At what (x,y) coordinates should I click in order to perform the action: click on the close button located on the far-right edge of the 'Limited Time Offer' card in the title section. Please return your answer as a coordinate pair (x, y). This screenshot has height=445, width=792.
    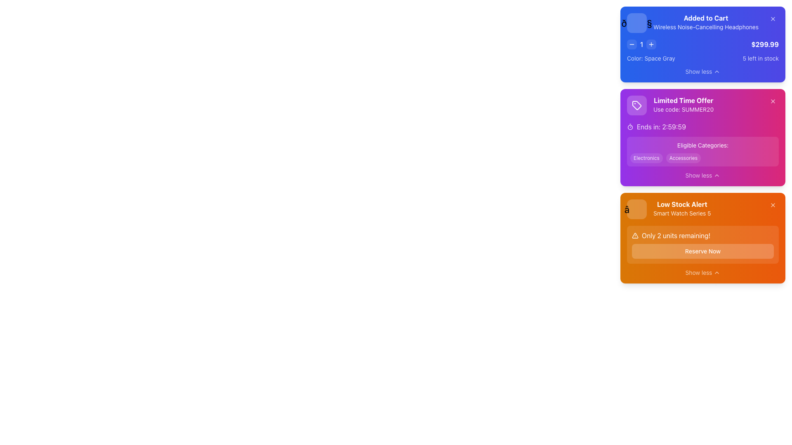
    Looking at the image, I should click on (772, 101).